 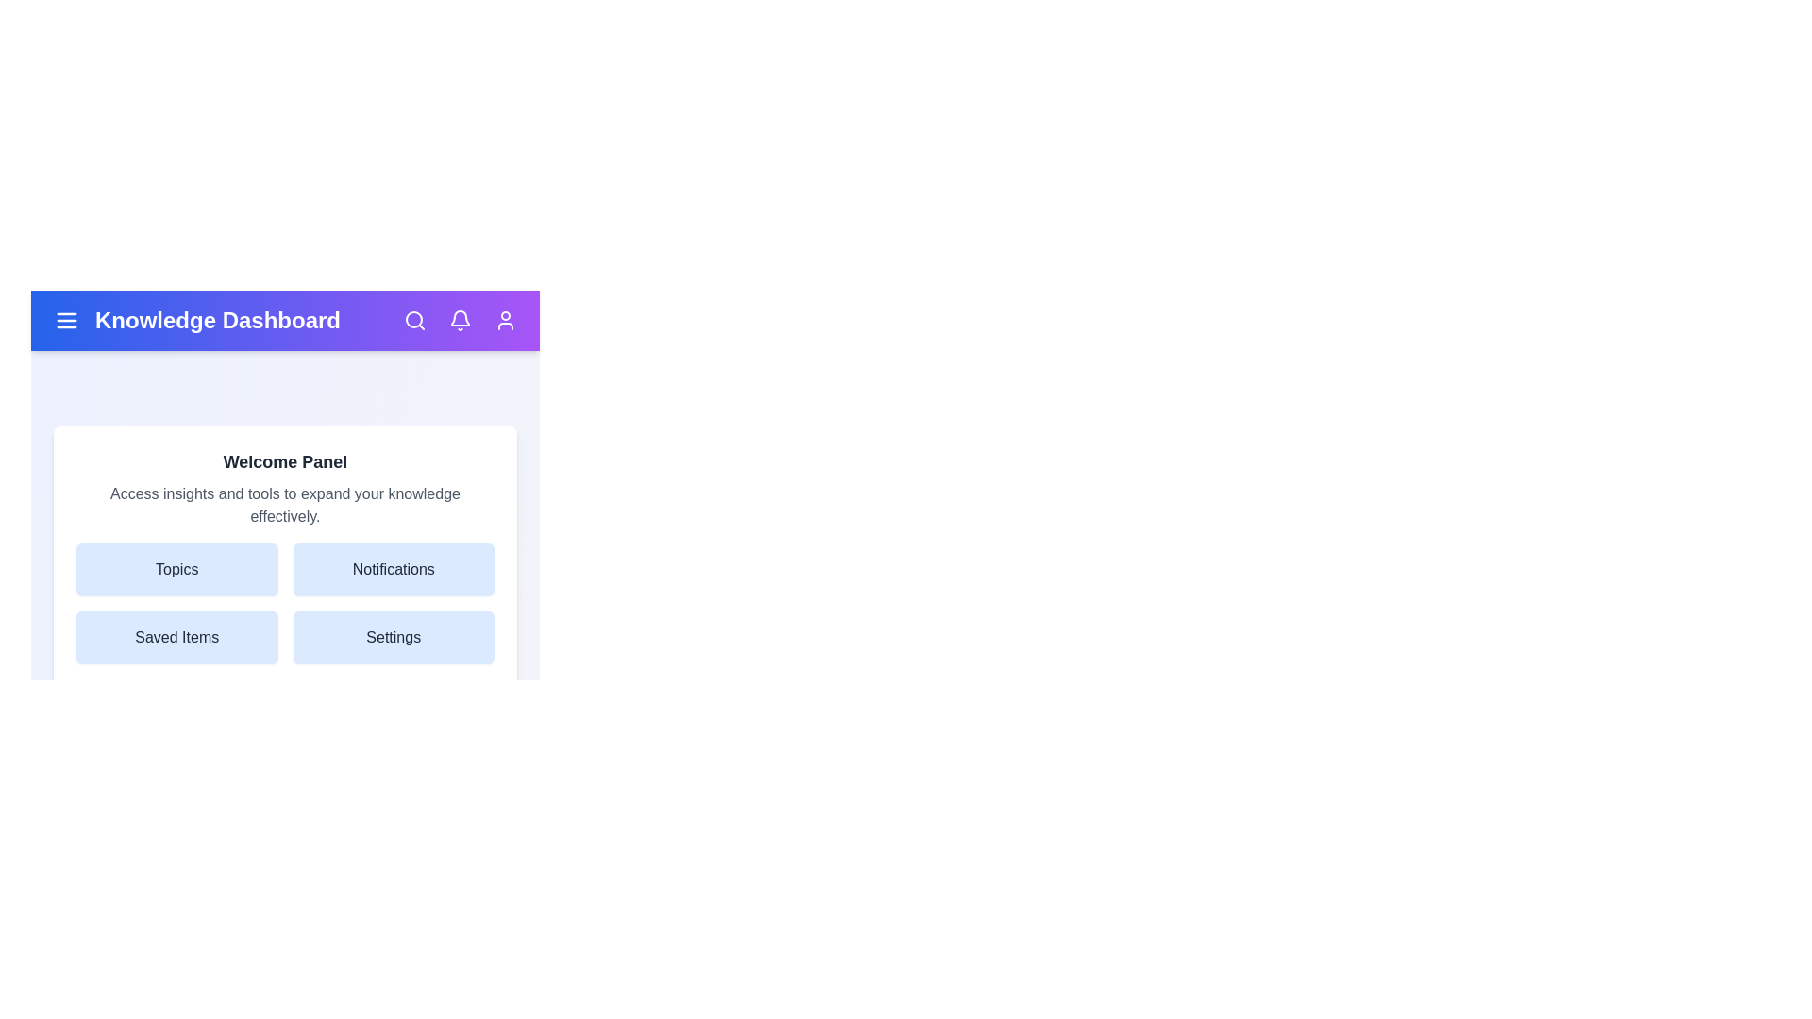 What do you see at coordinates (176, 637) in the screenshot?
I see `the 'Saved Items' button` at bounding box center [176, 637].